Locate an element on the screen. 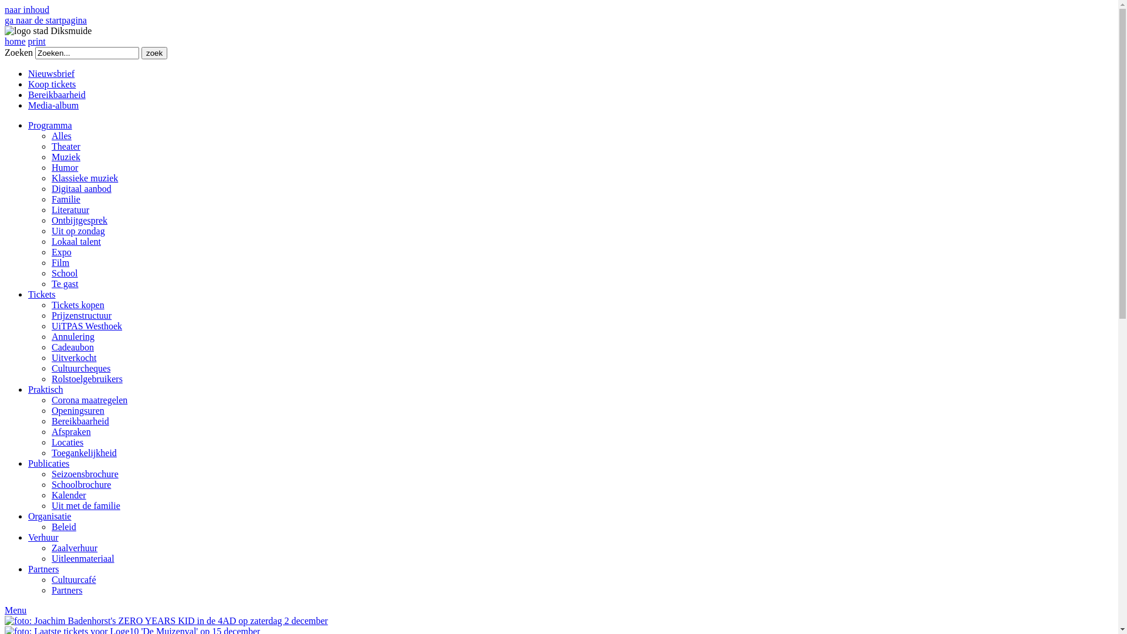 This screenshot has width=1127, height=634. 'Ontbijtgesprek' is located at coordinates (79, 220).